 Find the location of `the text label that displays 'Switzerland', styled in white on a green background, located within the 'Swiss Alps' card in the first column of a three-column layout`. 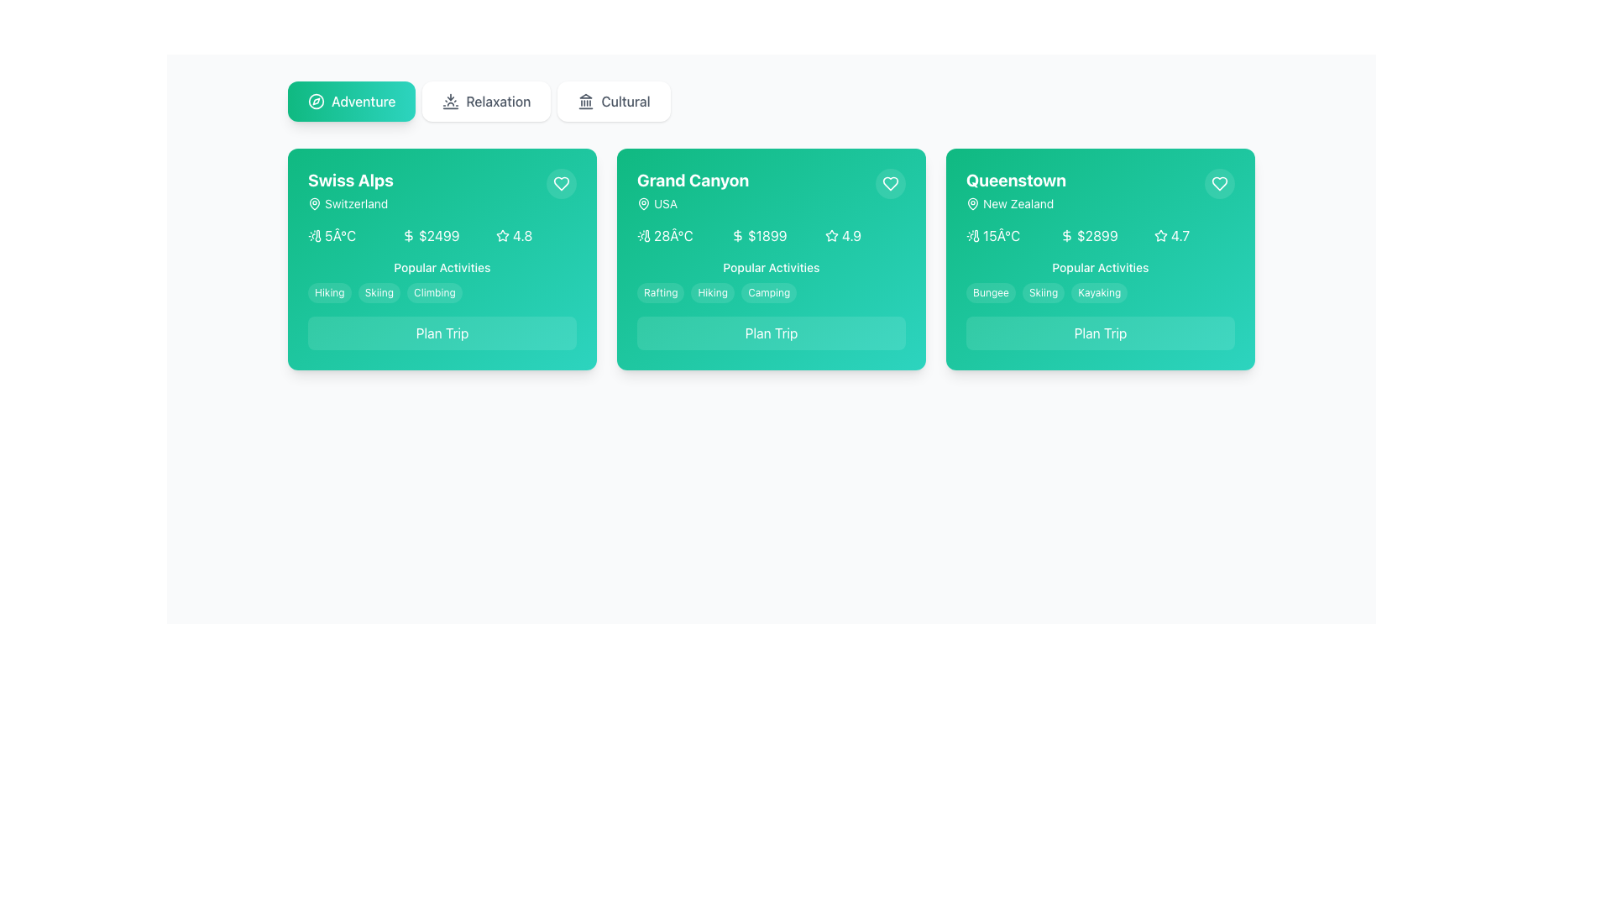

the text label that displays 'Switzerland', styled in white on a green background, located within the 'Swiss Alps' card in the first column of a three-column layout is located at coordinates (355, 203).